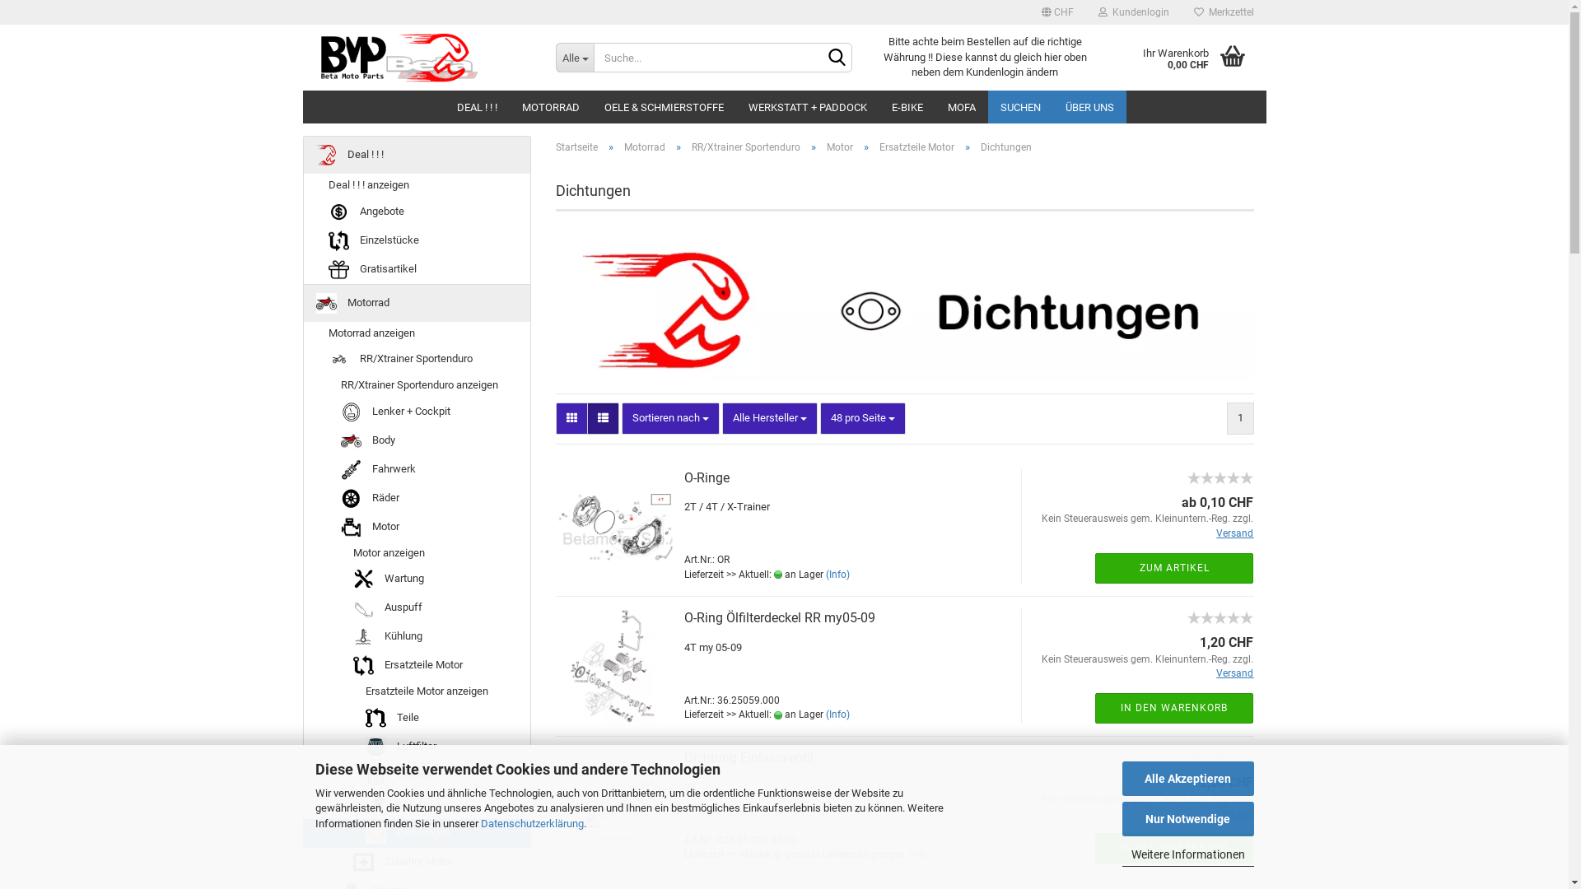 This screenshot has height=889, width=1581. What do you see at coordinates (416, 440) in the screenshot?
I see `'Body'` at bounding box center [416, 440].